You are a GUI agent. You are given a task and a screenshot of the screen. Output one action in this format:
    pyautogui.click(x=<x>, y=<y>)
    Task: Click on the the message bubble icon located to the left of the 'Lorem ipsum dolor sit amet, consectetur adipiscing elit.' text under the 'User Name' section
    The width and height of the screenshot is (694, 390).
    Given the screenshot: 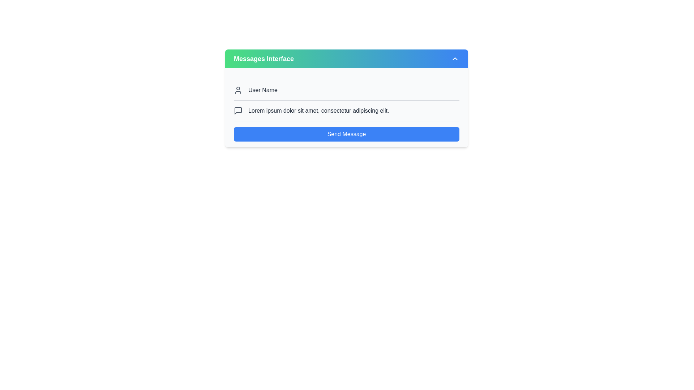 What is the action you would take?
    pyautogui.click(x=238, y=111)
    